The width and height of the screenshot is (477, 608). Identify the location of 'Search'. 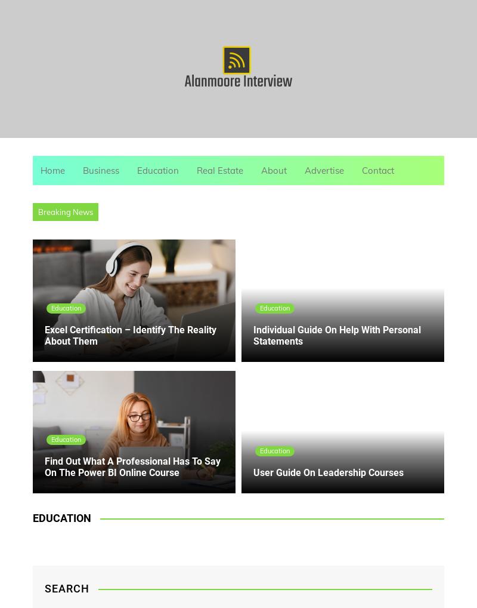
(66, 588).